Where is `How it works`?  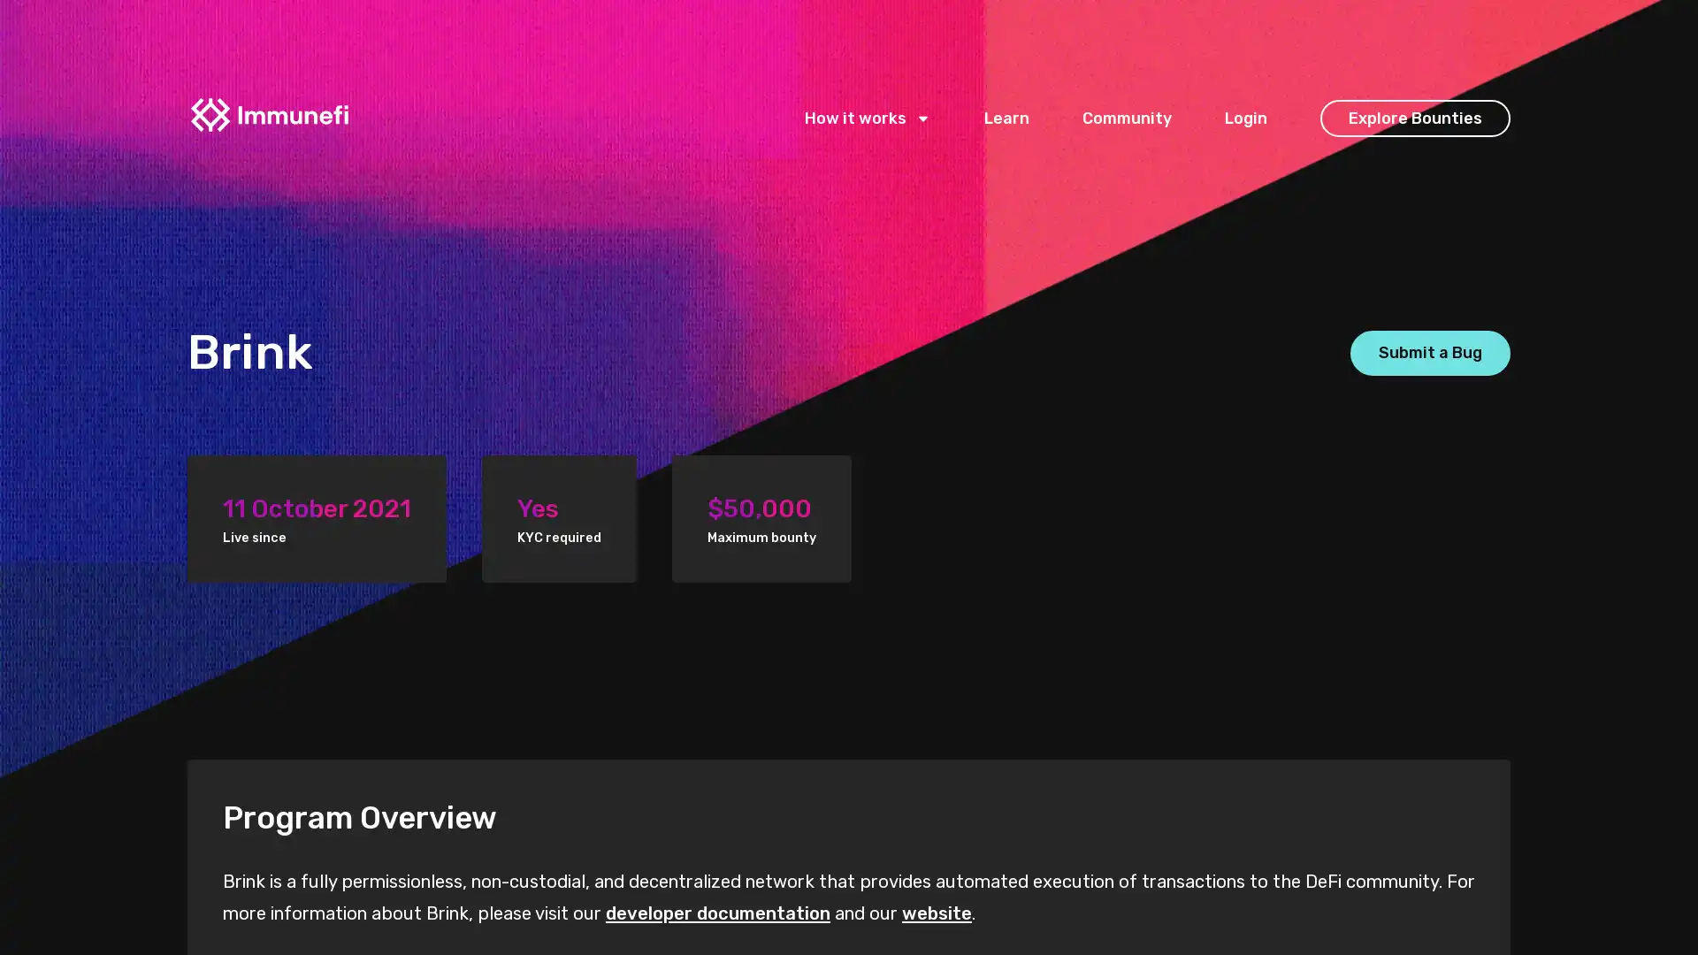 How it works is located at coordinates (868, 118).